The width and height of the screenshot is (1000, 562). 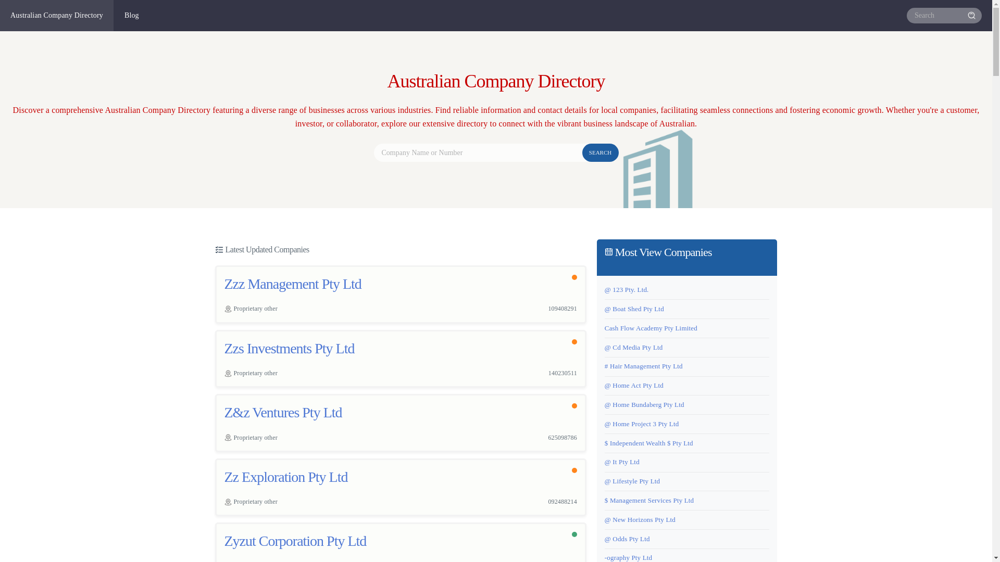 What do you see at coordinates (633, 385) in the screenshot?
I see `'@ Home Act Pty Ltd'` at bounding box center [633, 385].